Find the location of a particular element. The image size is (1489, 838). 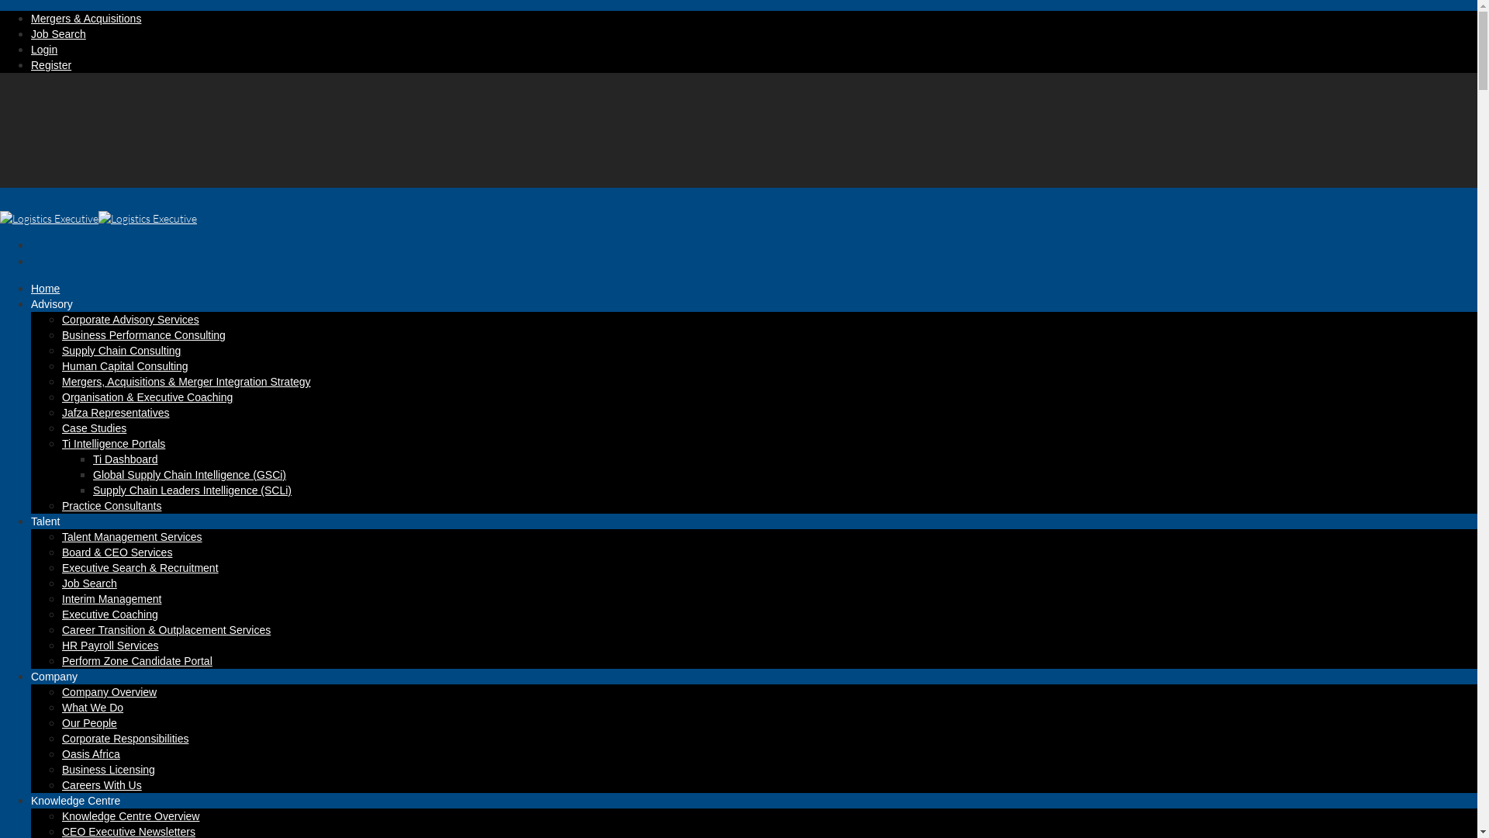

'Corporate Advisory Services' is located at coordinates (130, 319).